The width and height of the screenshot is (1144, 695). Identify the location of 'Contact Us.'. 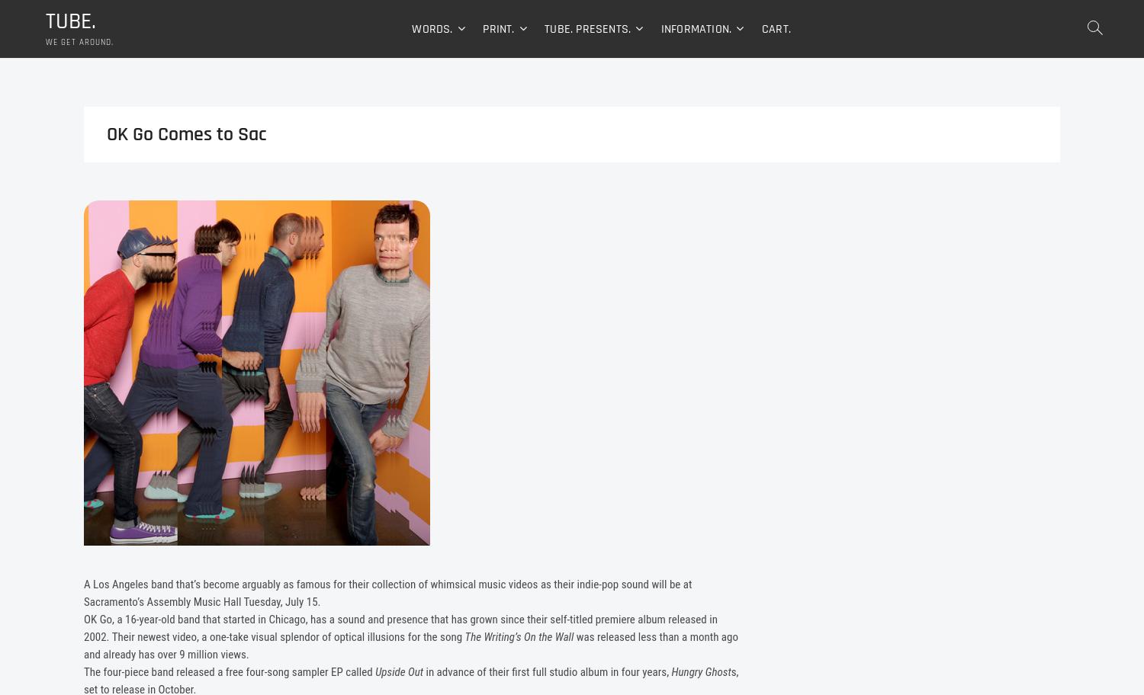
(664, 182).